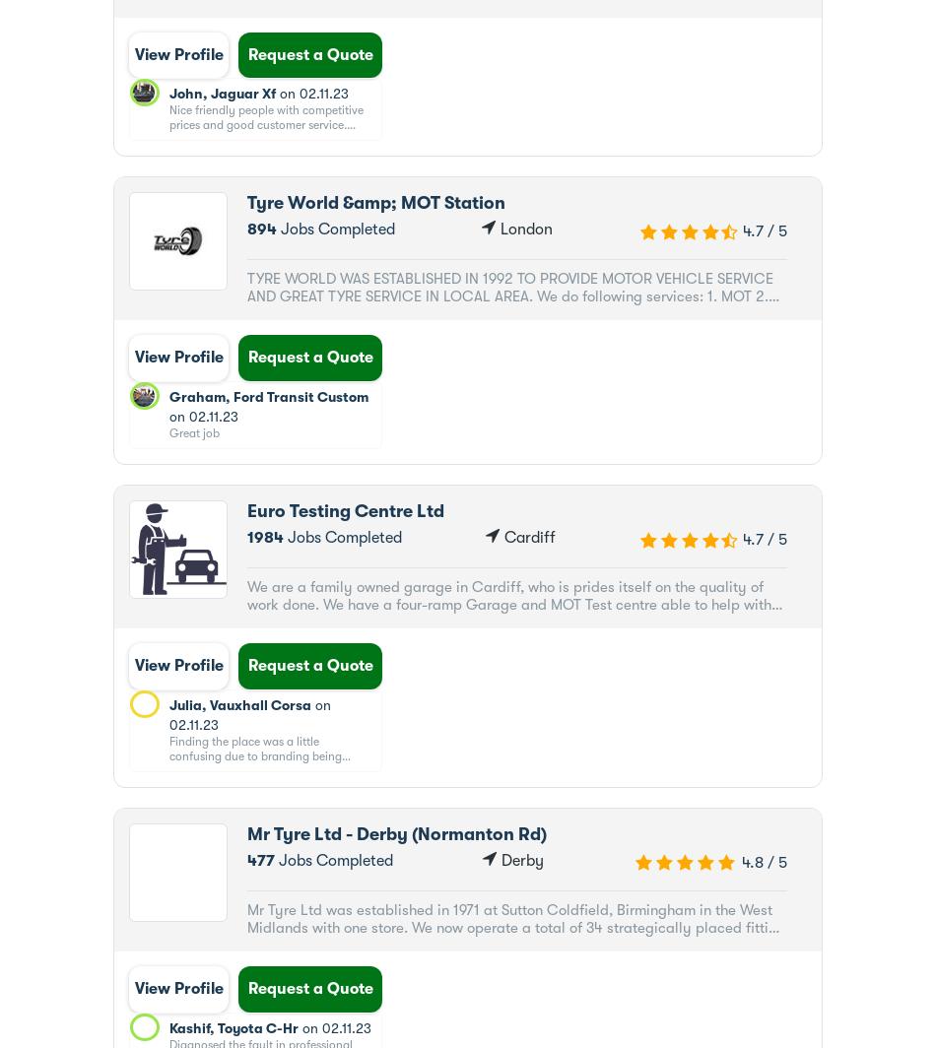 The height and width of the screenshot is (1048, 936). What do you see at coordinates (522, 860) in the screenshot?
I see `'Derby'` at bounding box center [522, 860].